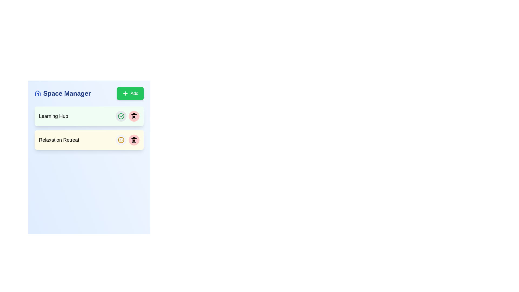  I want to click on the circular red button with a trash can icon, located in the second row of the 'Relaxation Retreat' entry, to observe its hover effects, so click(134, 140).